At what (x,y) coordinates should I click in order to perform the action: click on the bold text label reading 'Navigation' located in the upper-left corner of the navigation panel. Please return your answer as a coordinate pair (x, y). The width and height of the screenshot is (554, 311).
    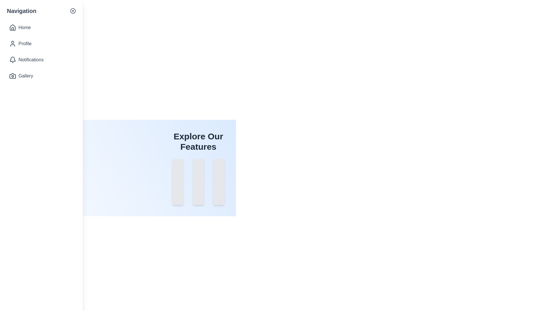
    Looking at the image, I should click on (22, 11).